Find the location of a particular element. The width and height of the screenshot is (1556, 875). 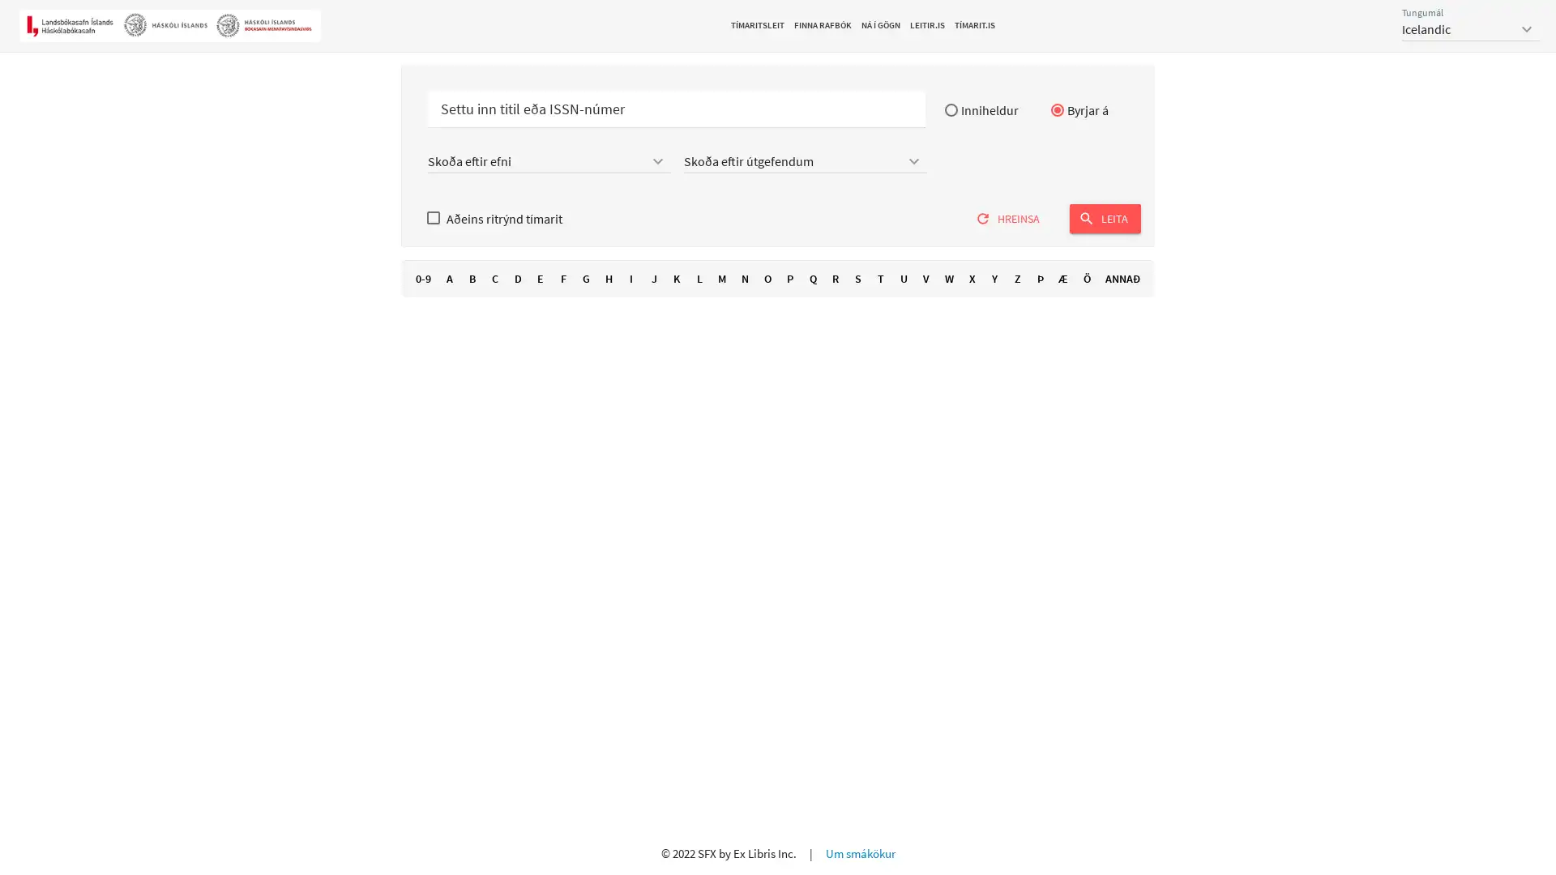

K is located at coordinates (677, 277).